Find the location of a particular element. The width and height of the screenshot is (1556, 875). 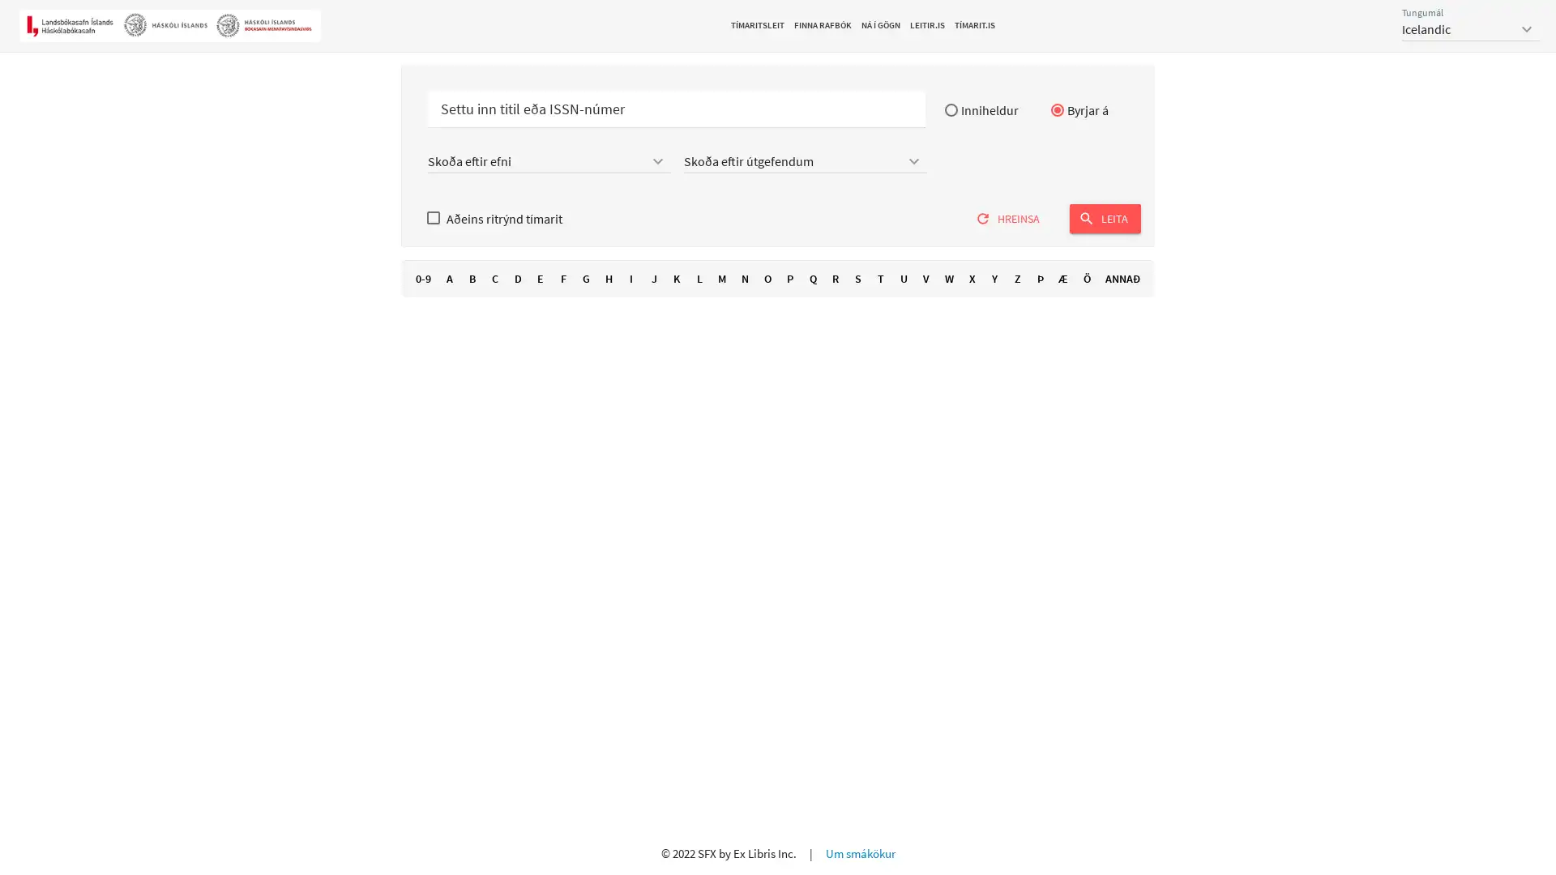

K is located at coordinates (677, 277).